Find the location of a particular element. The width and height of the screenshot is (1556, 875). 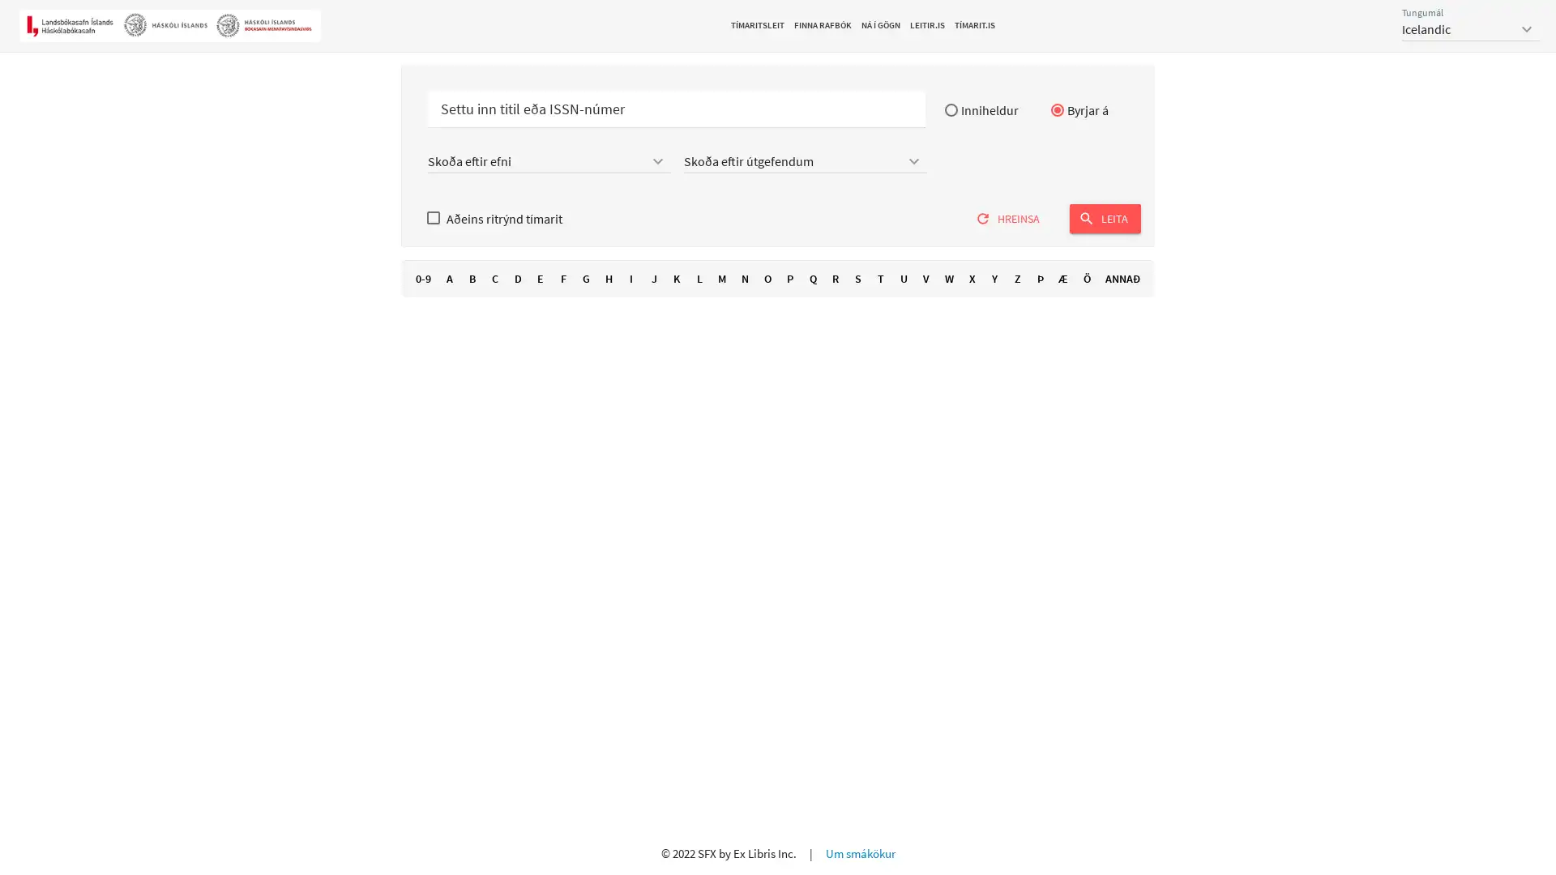

K is located at coordinates (677, 277).